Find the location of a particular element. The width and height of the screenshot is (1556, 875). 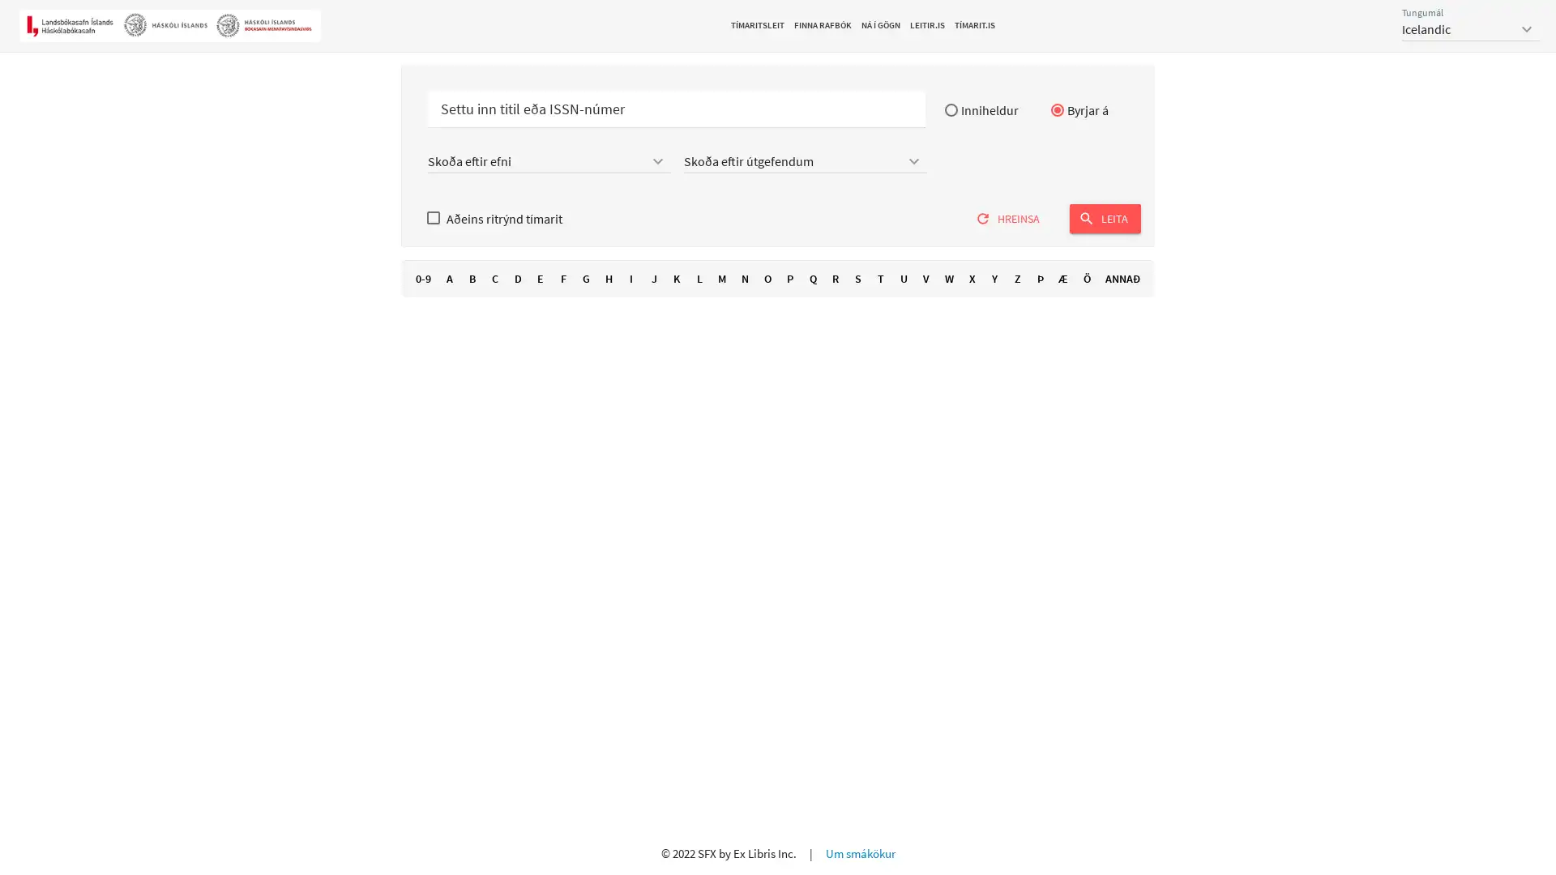

K is located at coordinates (677, 277).